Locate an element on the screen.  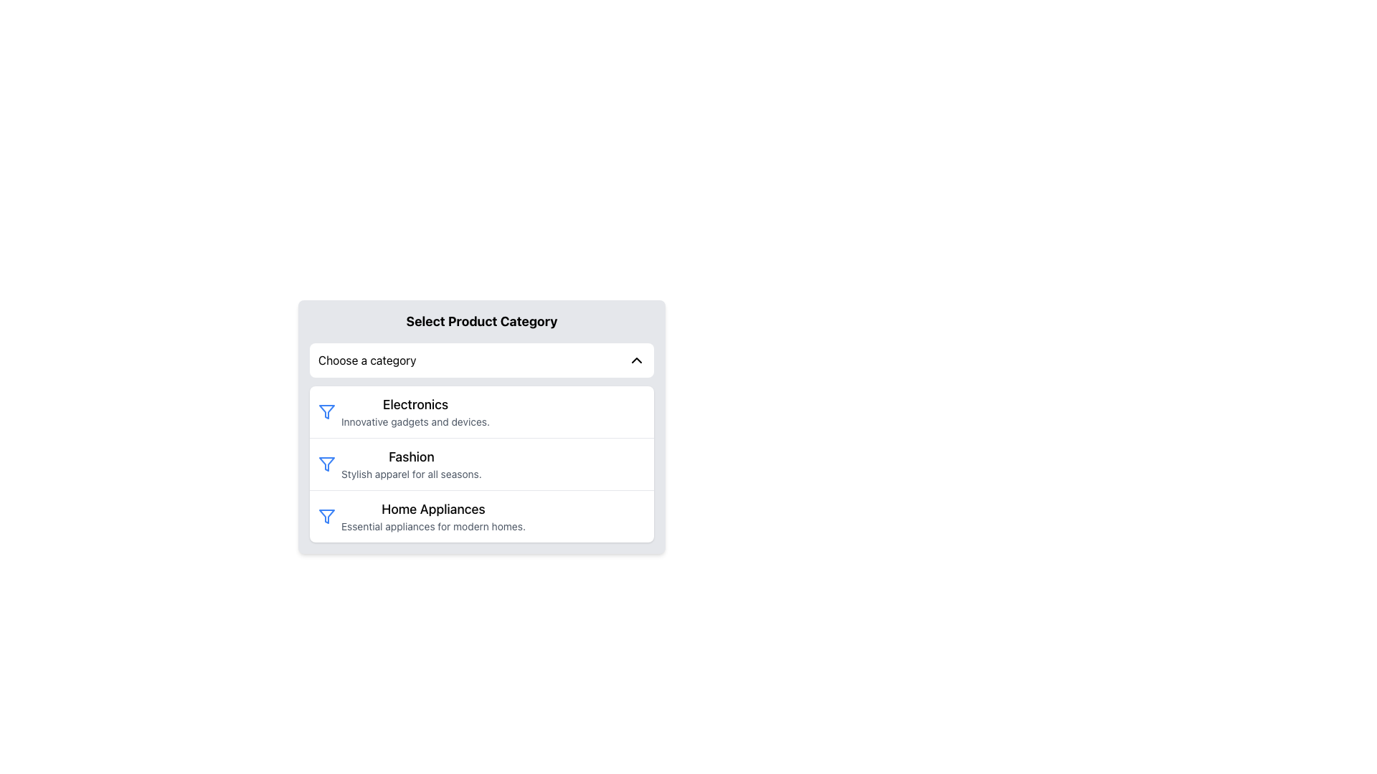
the selectable list item labeled 'Electronics', which contains a bold first line and a smaller gray second line is located at coordinates (415, 411).